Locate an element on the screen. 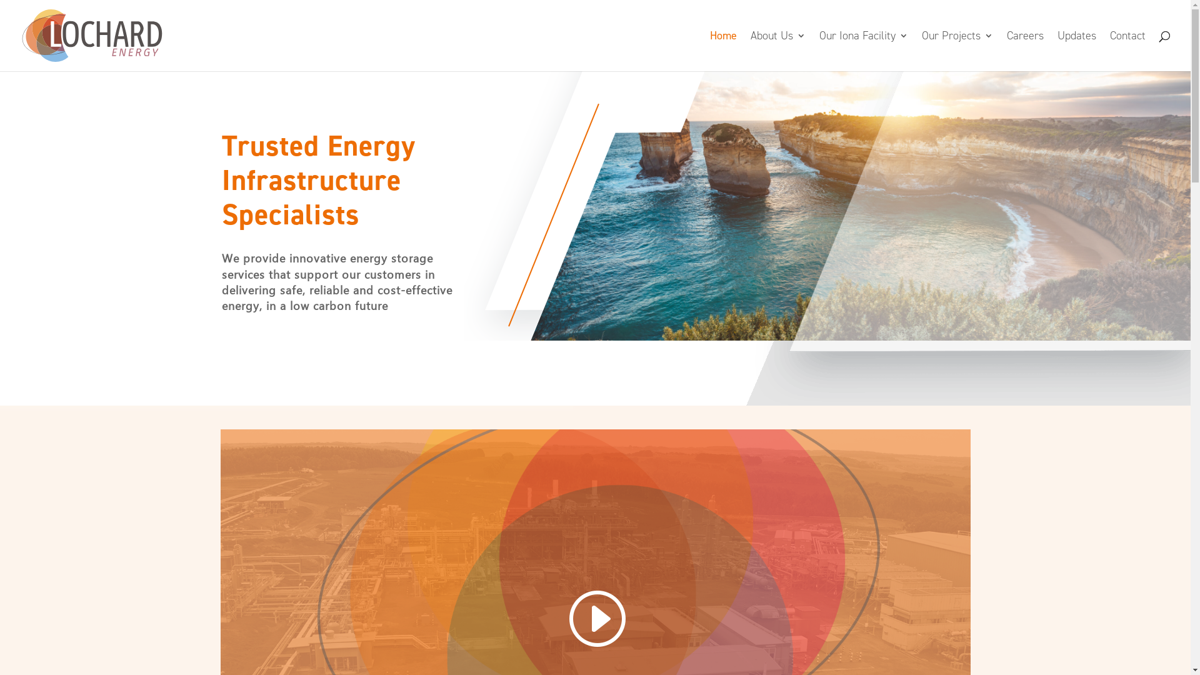 This screenshot has height=675, width=1200. 'Careers' is located at coordinates (1007, 50).